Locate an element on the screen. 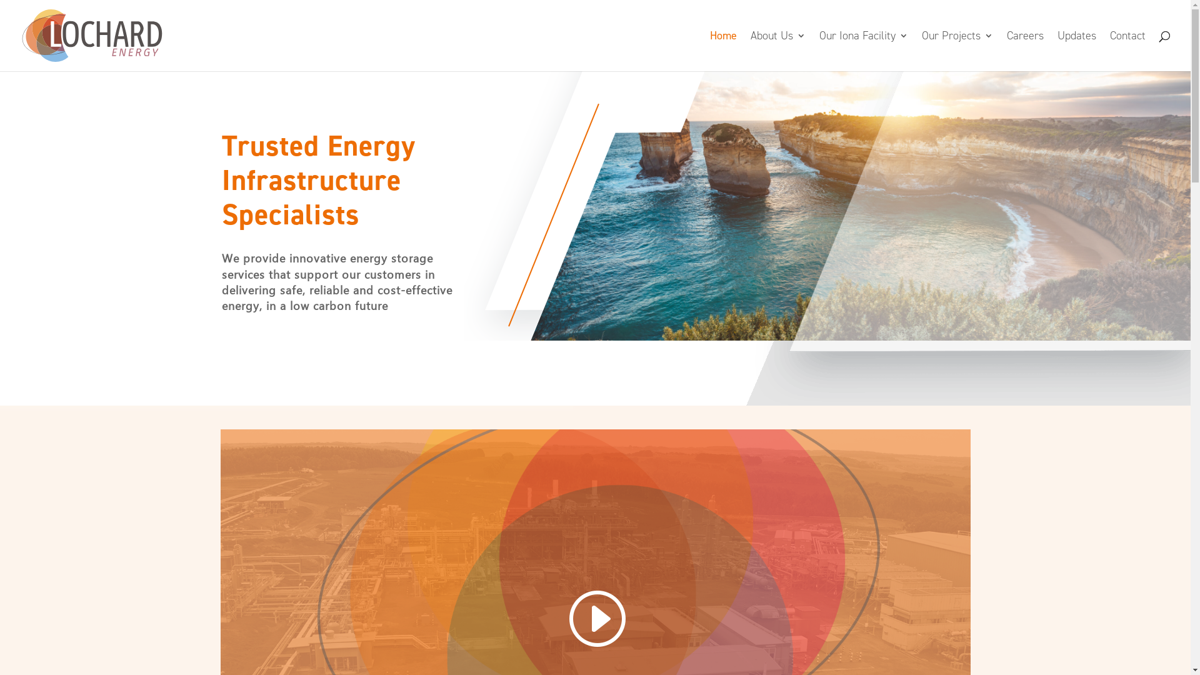 This screenshot has height=675, width=1200. 'Careers' is located at coordinates (1007, 50).